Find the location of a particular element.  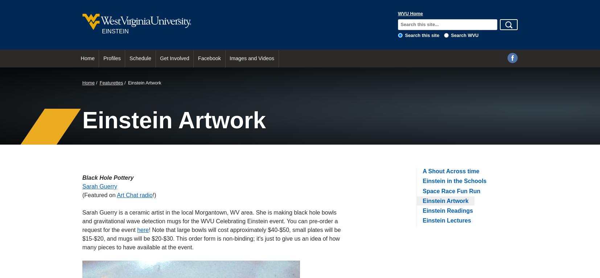

'! Note that large bowls 
will cost approximately $40-$50, small plates will be $15-$20, and mugs 
will be $20-$30. This order form is non-binding; it's just to give us an
 idea of how many pieces to have available at the event.' is located at coordinates (82, 238).